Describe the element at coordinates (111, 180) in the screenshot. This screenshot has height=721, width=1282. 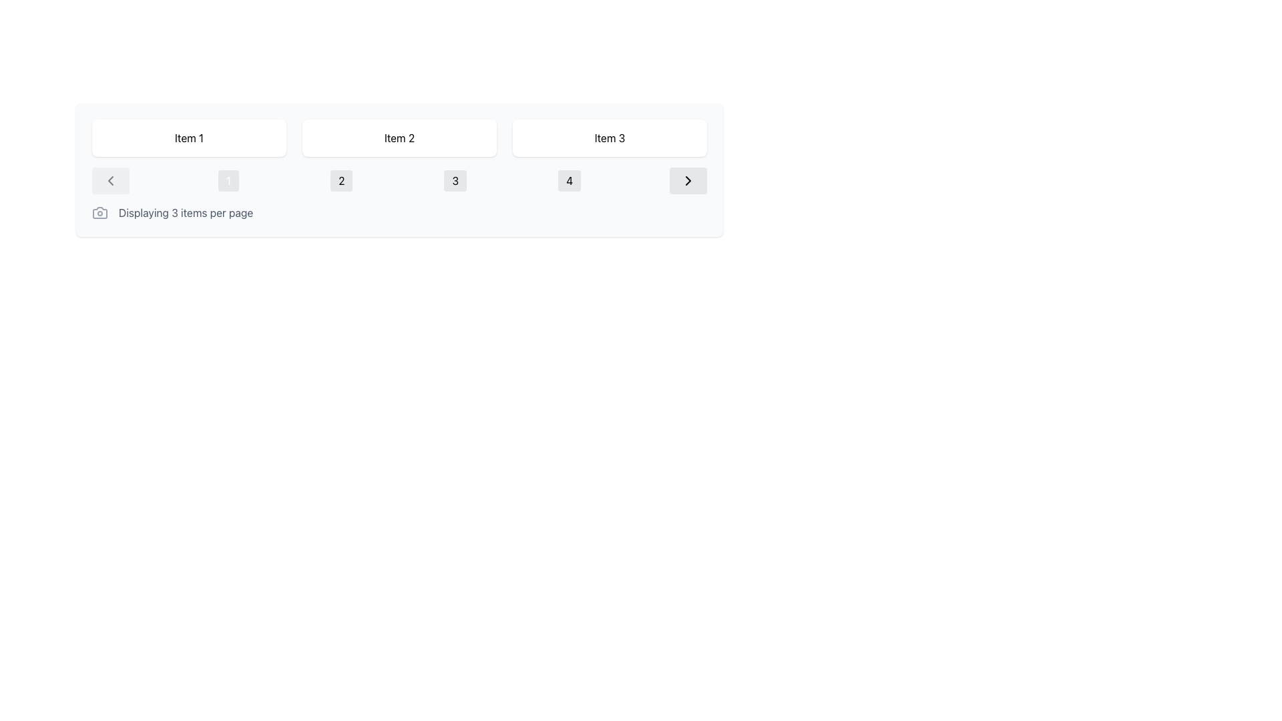
I see `the navigation button located at the leftmost side of the horizontal navigation bar` at that location.